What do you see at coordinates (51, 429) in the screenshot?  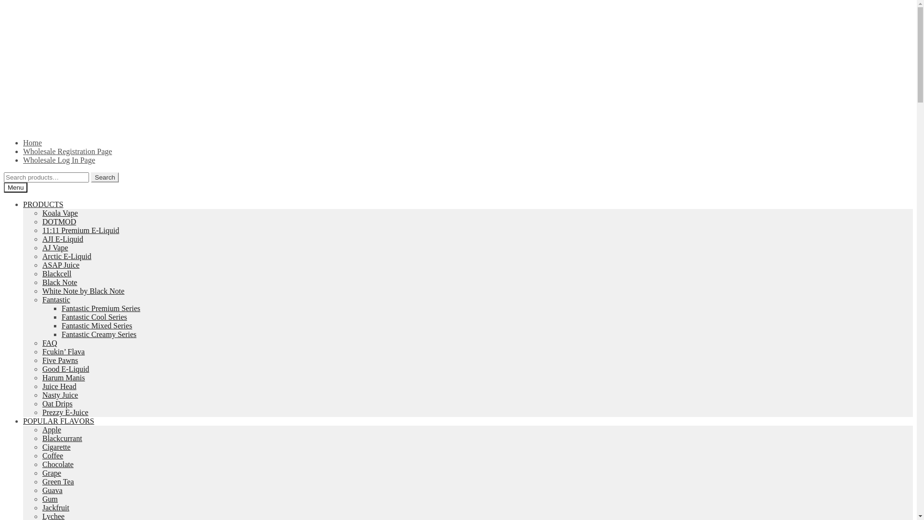 I see `'Apple'` at bounding box center [51, 429].